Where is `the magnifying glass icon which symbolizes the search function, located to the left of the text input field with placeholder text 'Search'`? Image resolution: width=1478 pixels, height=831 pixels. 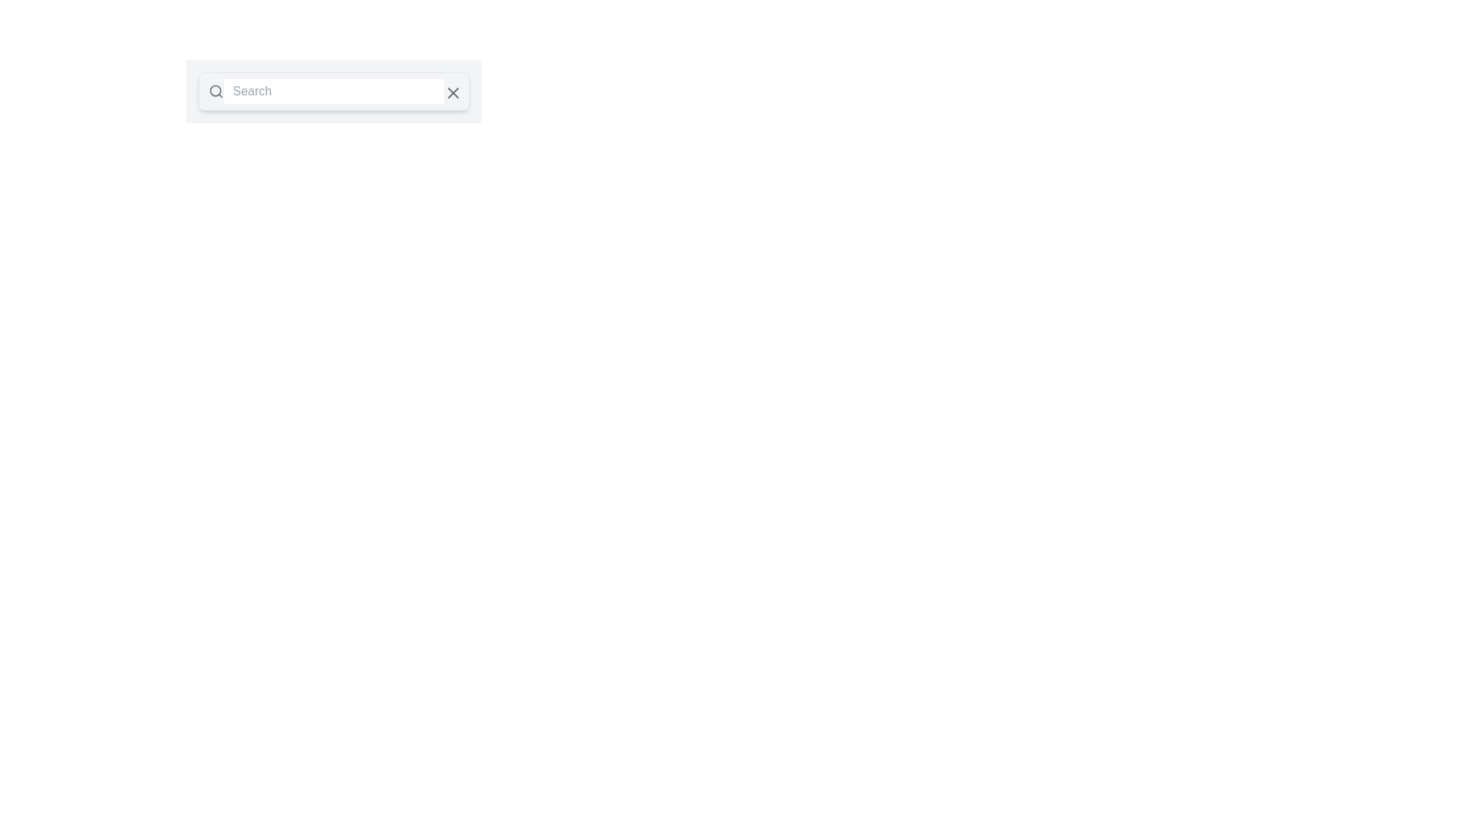 the magnifying glass icon which symbolizes the search function, located to the left of the text input field with placeholder text 'Search' is located at coordinates (215, 92).